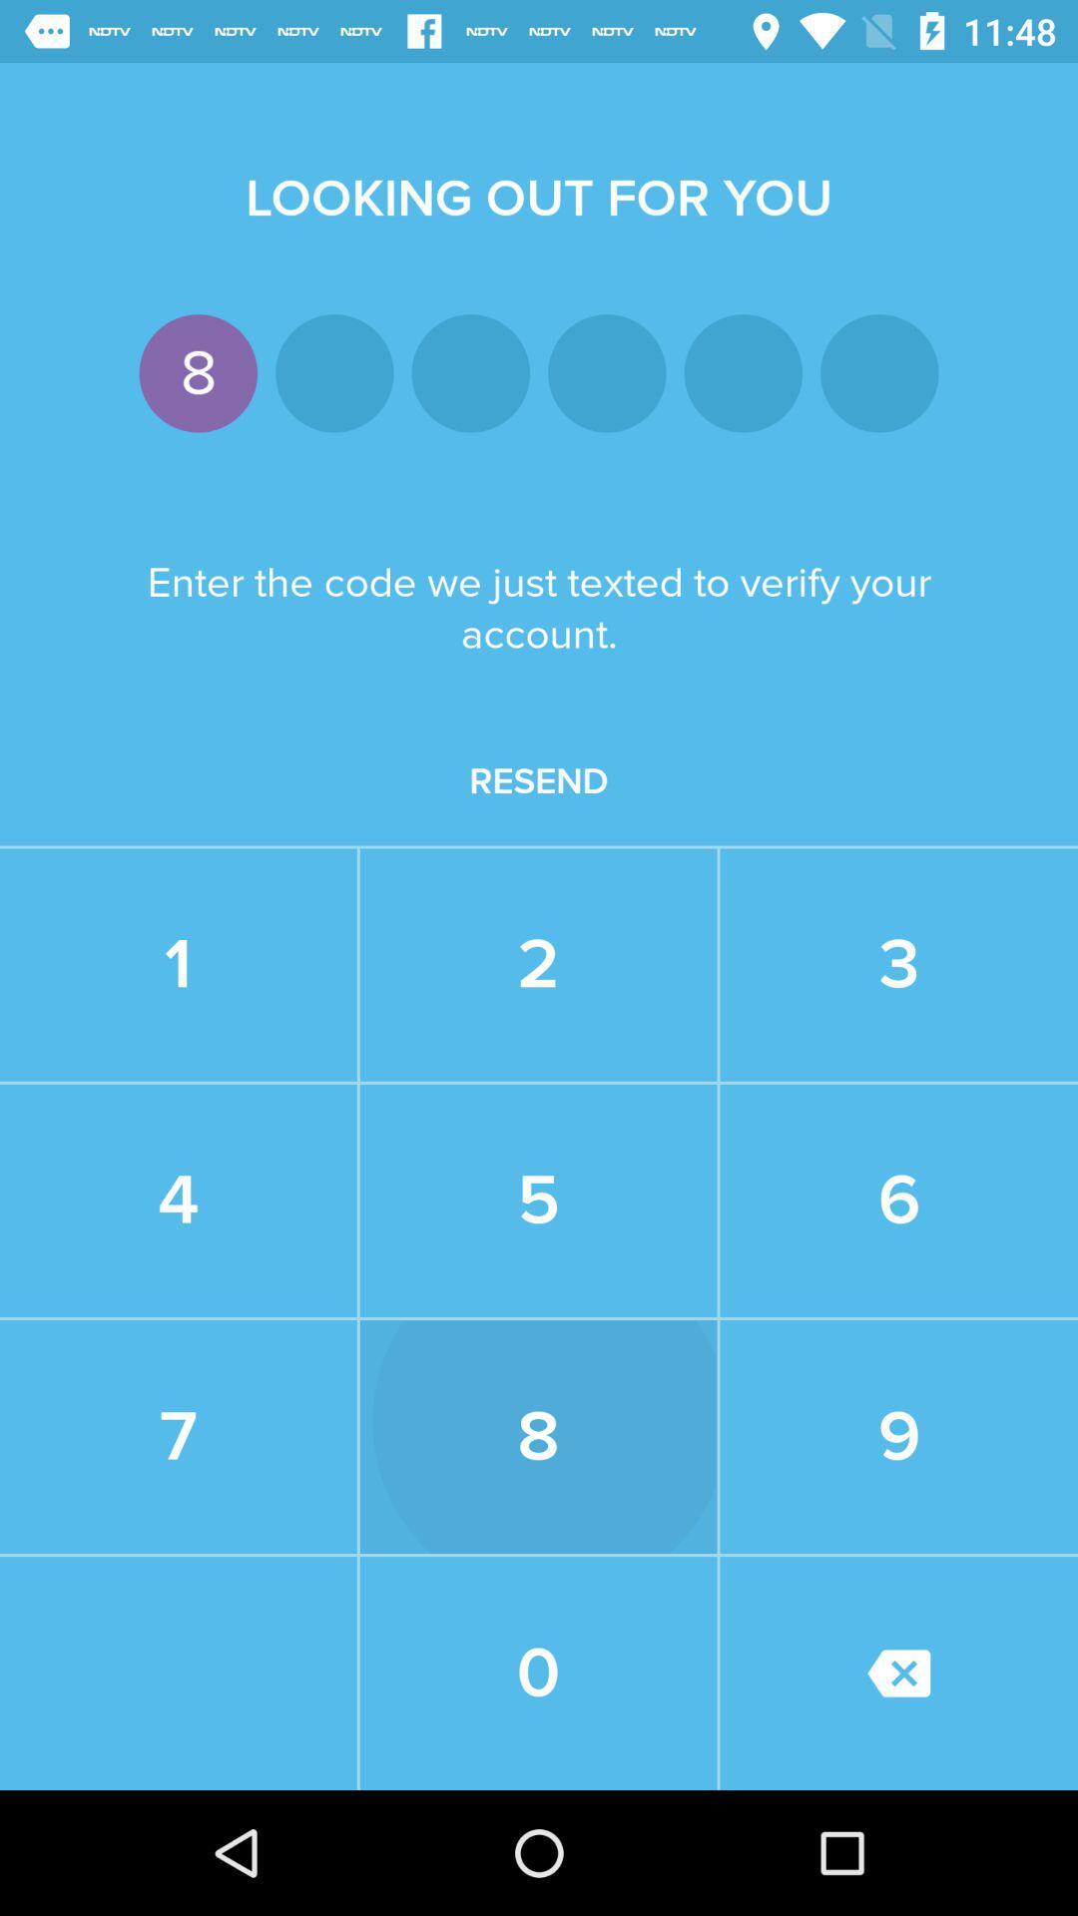 This screenshot has height=1916, width=1078. What do you see at coordinates (537, 1199) in the screenshot?
I see `the 5 icon` at bounding box center [537, 1199].